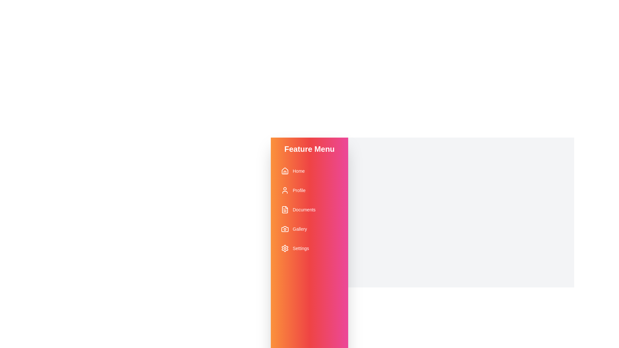 This screenshot has height=348, width=619. I want to click on the menu item Profile to navigate, so click(309, 190).